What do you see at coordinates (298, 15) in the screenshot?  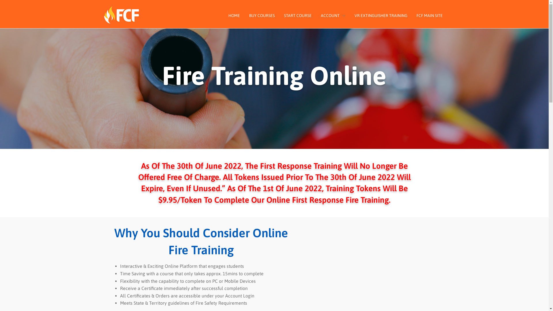 I see `'START COURSE'` at bounding box center [298, 15].